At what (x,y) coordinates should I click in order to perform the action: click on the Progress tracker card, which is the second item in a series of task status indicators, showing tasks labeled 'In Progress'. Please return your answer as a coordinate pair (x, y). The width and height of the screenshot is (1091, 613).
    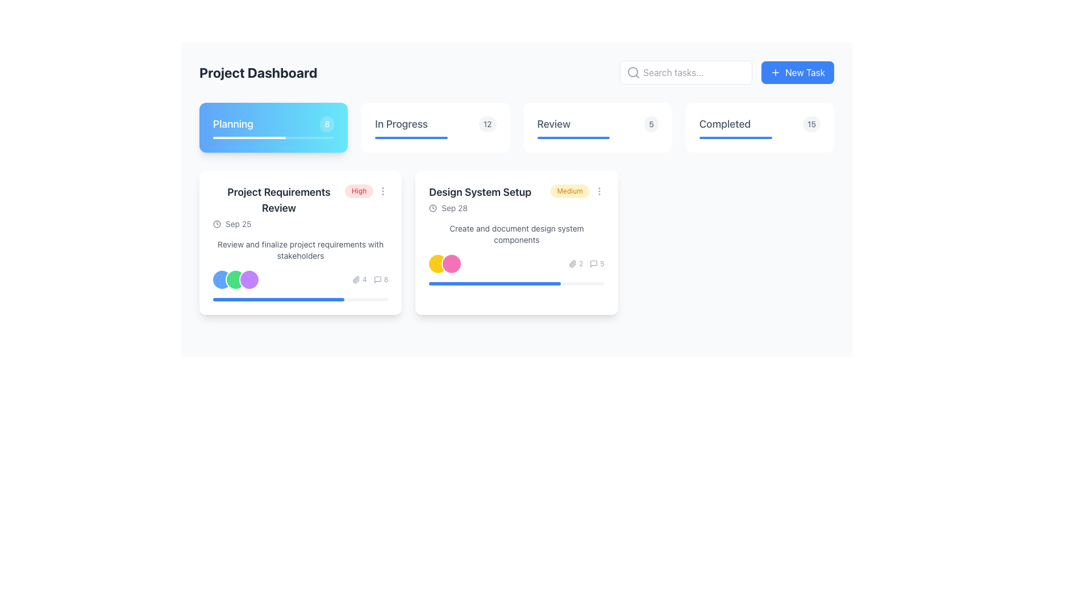
    Looking at the image, I should click on (435, 127).